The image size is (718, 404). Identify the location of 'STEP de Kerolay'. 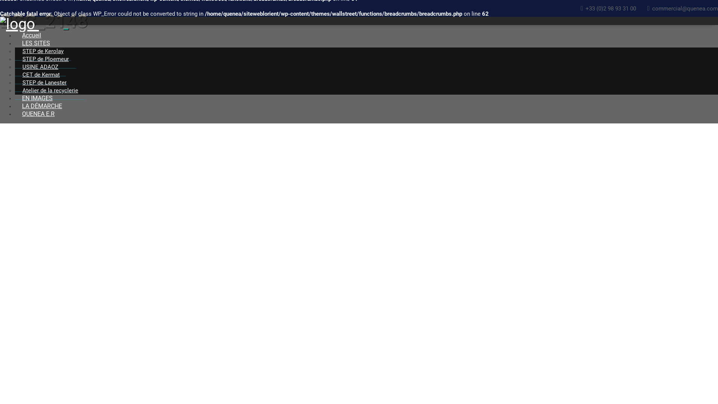
(15, 51).